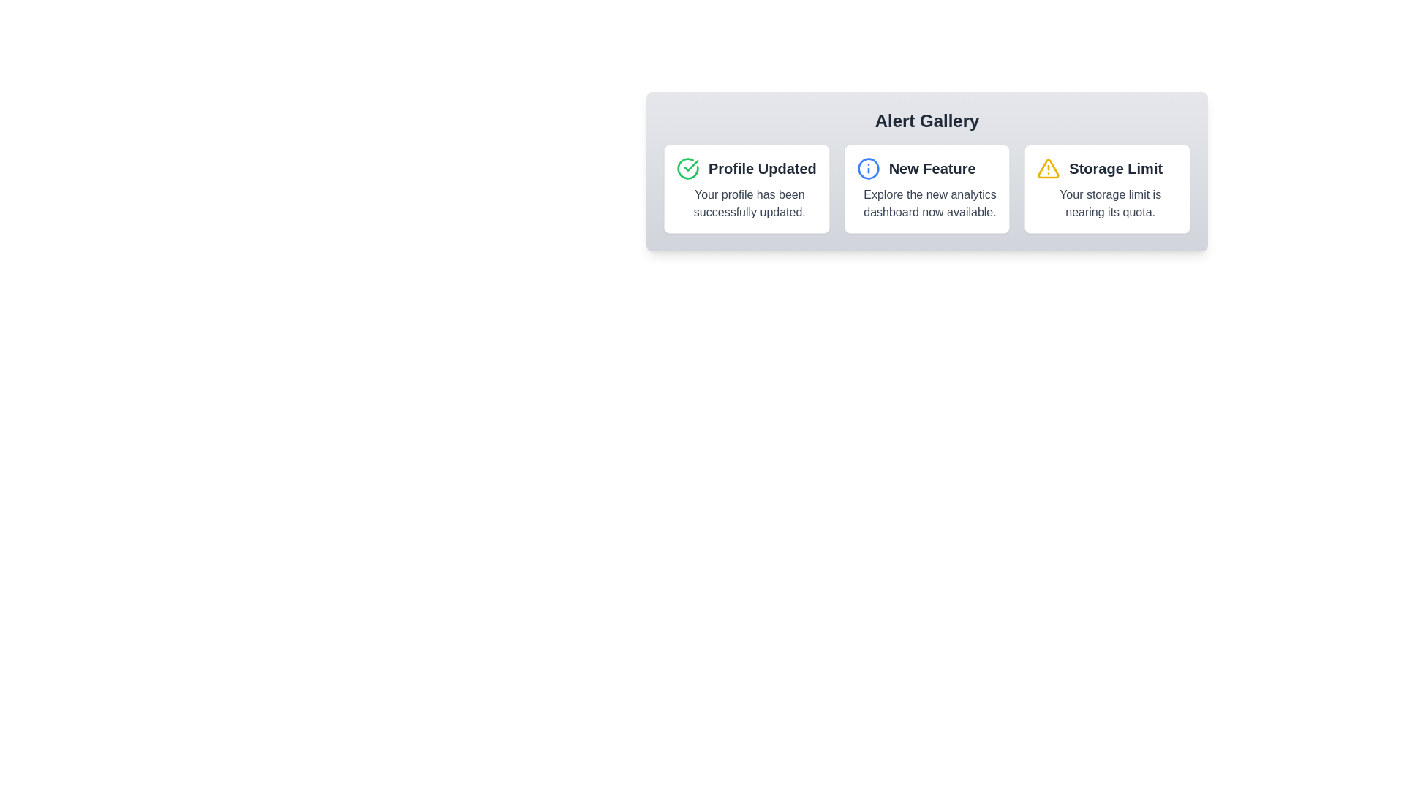 Image resolution: width=1404 pixels, height=789 pixels. Describe the element at coordinates (1048, 168) in the screenshot. I see `the warning alert icon located in the 'Storage Limit' section, which is positioned to the left of the descriptive text 'Storage Limit' and 'Your storage limit is nearing its quota.'` at that location.